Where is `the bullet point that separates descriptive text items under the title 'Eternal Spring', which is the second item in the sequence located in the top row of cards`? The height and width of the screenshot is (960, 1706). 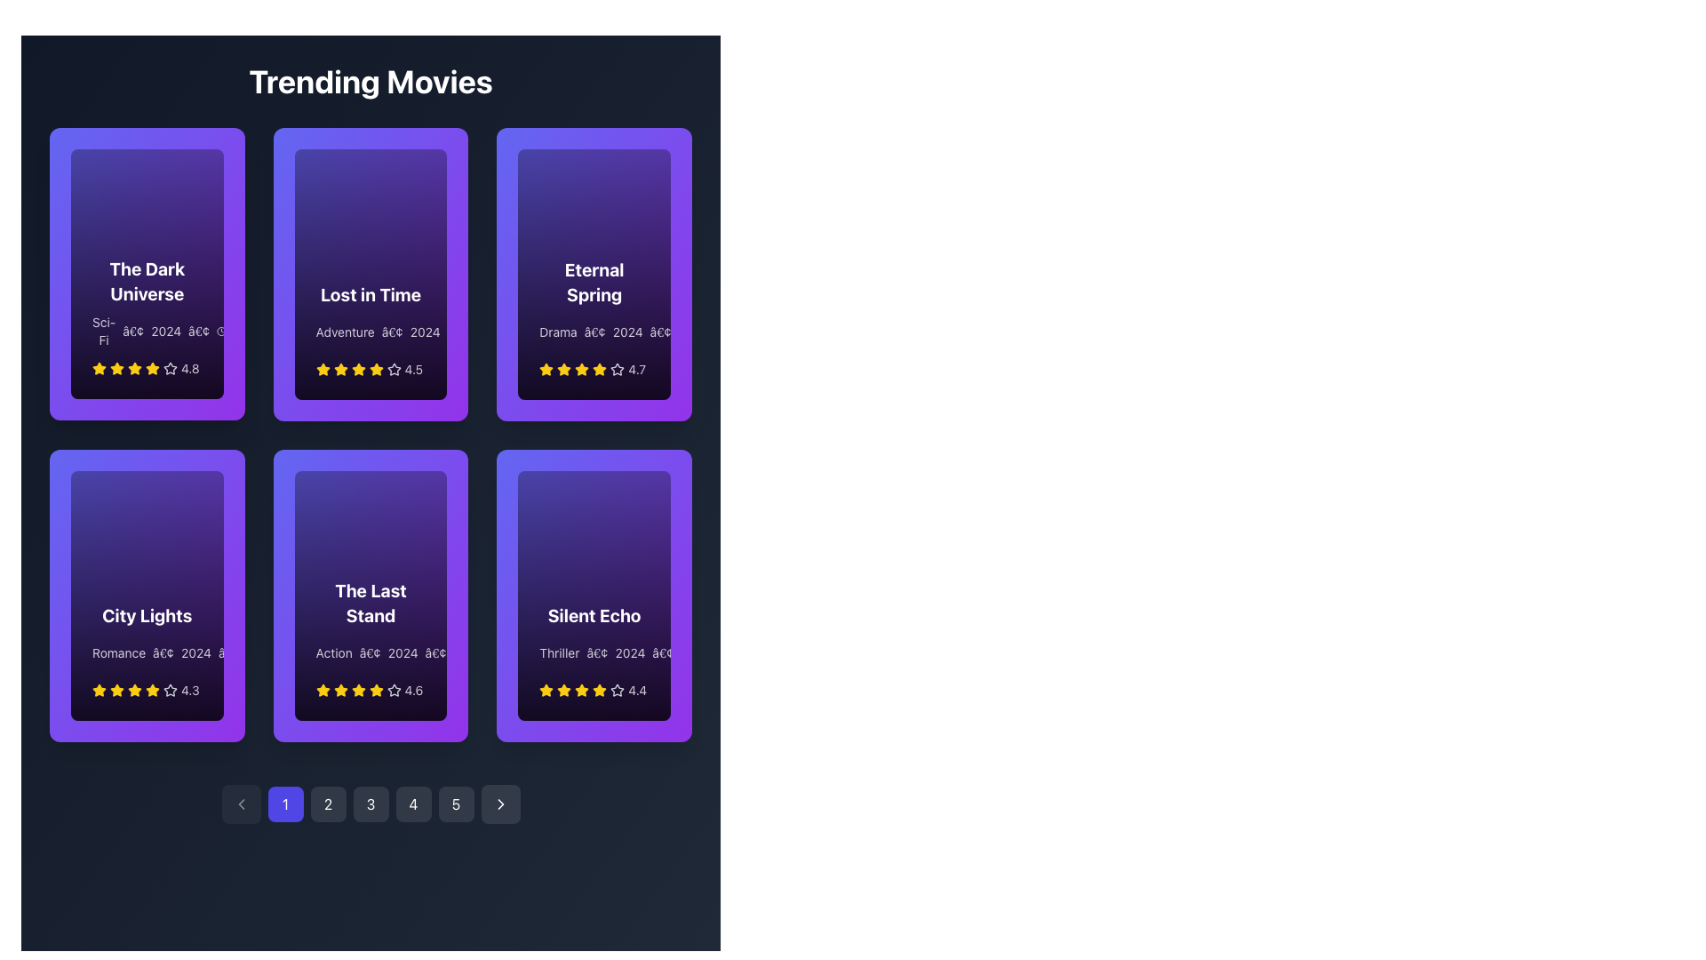 the bullet point that separates descriptive text items under the title 'Eternal Spring', which is the second item in the sequence located in the top row of cards is located at coordinates (594, 332).